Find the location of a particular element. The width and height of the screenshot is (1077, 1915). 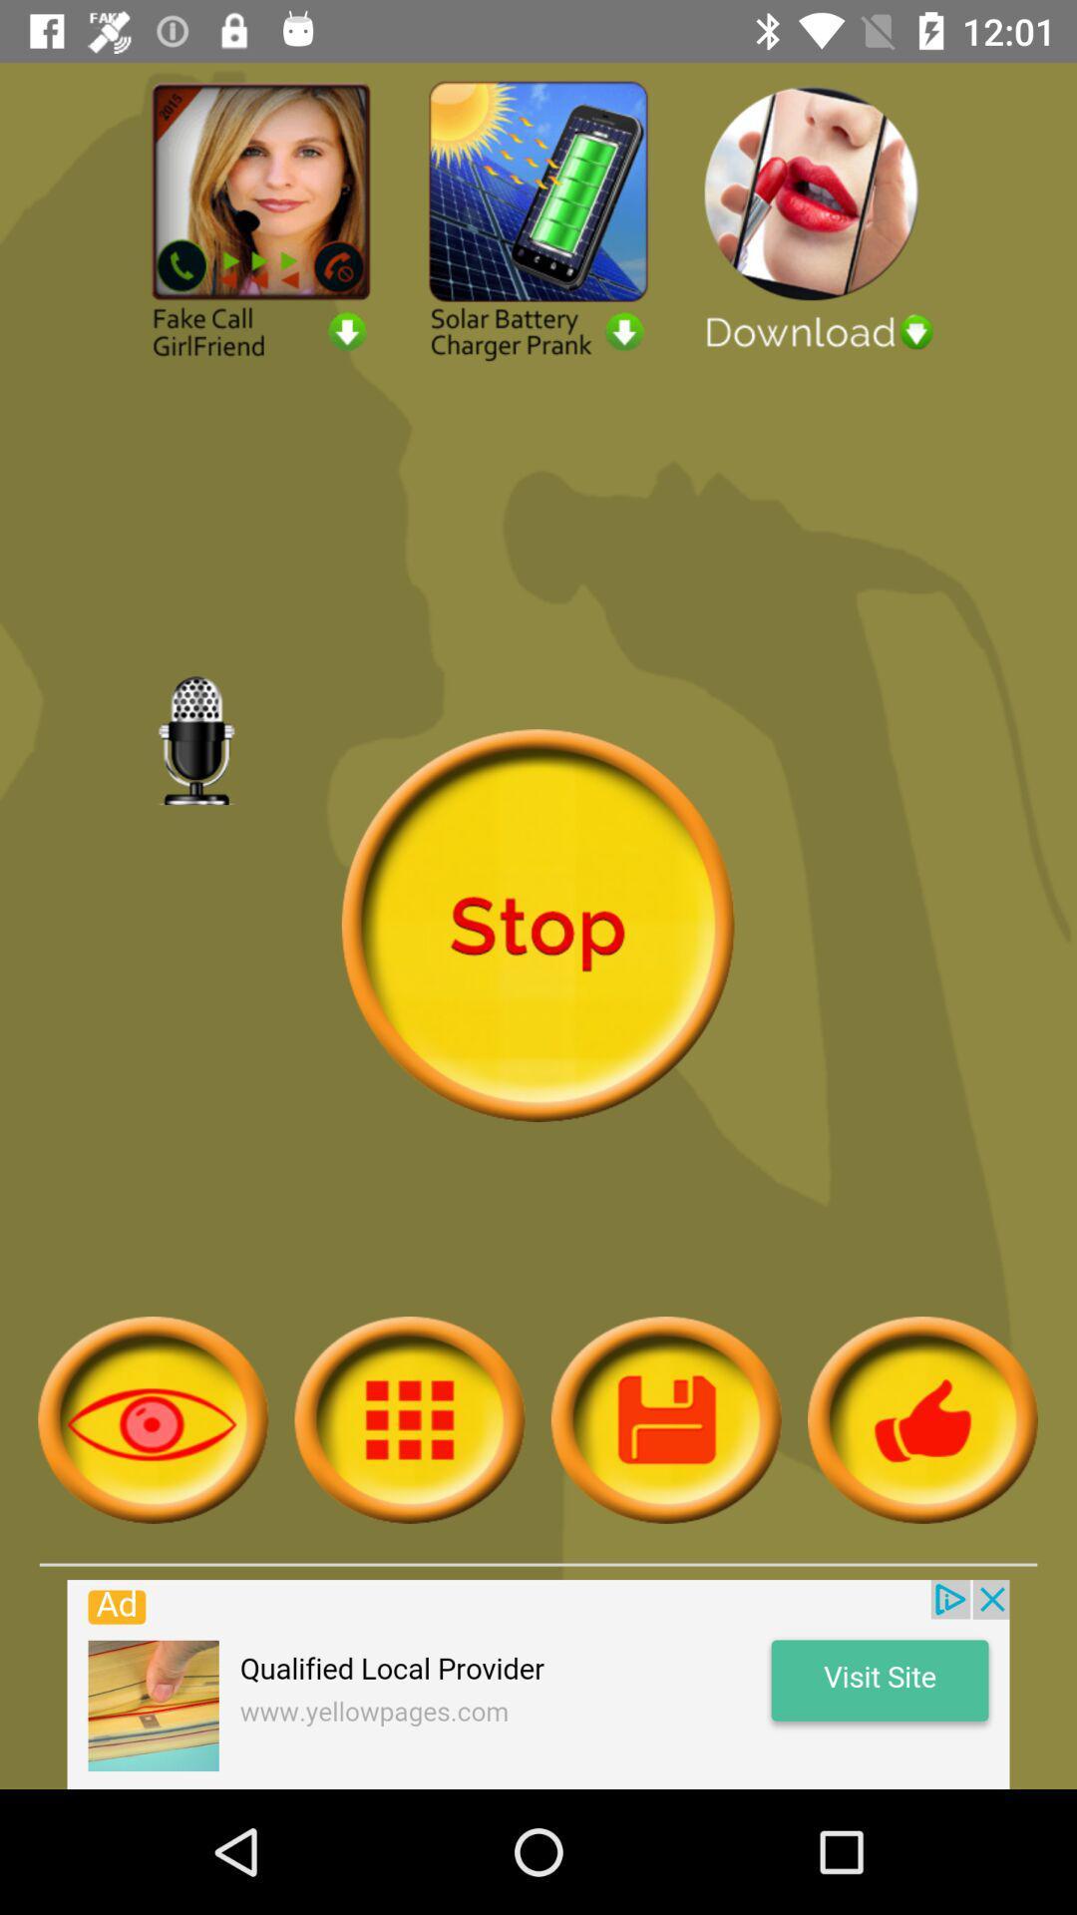

advertisement is located at coordinates (538, 218).